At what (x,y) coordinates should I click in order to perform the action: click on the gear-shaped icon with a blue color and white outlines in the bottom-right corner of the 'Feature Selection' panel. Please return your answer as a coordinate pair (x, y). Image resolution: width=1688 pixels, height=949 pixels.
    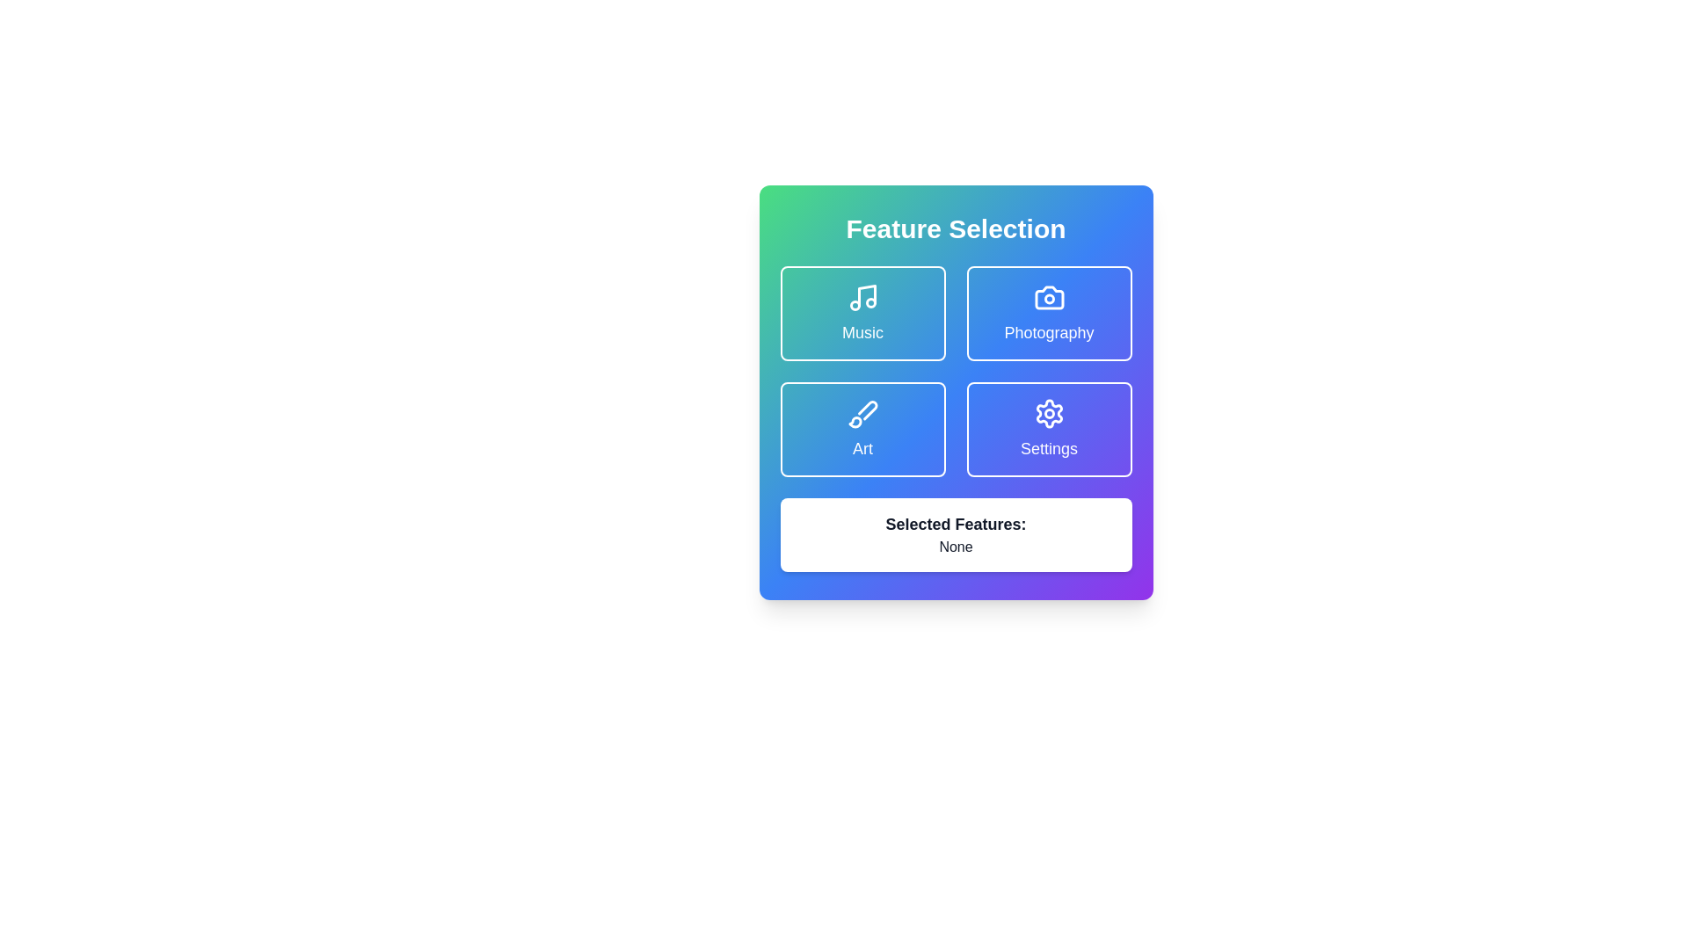
    Looking at the image, I should click on (1049, 413).